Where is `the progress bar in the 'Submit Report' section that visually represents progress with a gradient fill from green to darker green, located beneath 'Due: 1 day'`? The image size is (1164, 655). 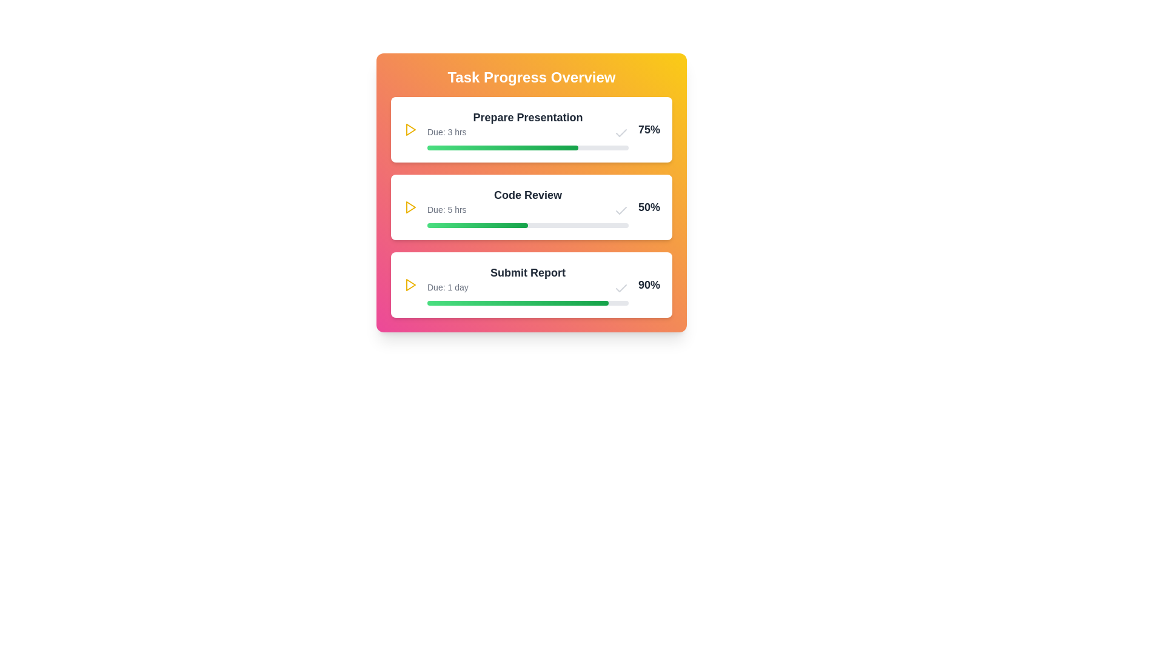
the progress bar in the 'Submit Report' section that visually represents progress with a gradient fill from green to darker green, located beneath 'Due: 1 day' is located at coordinates (527, 303).